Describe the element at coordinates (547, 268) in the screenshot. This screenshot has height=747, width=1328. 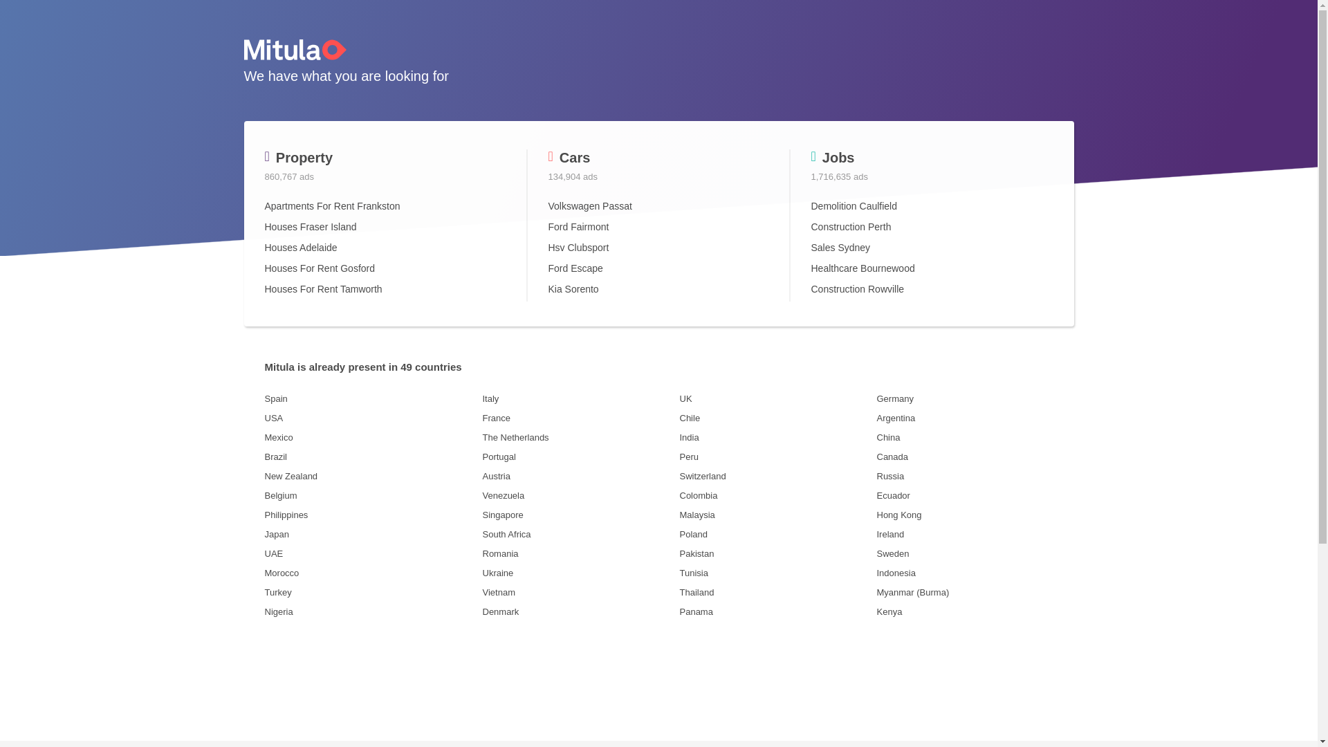
I see `'Ford Escape'` at that location.